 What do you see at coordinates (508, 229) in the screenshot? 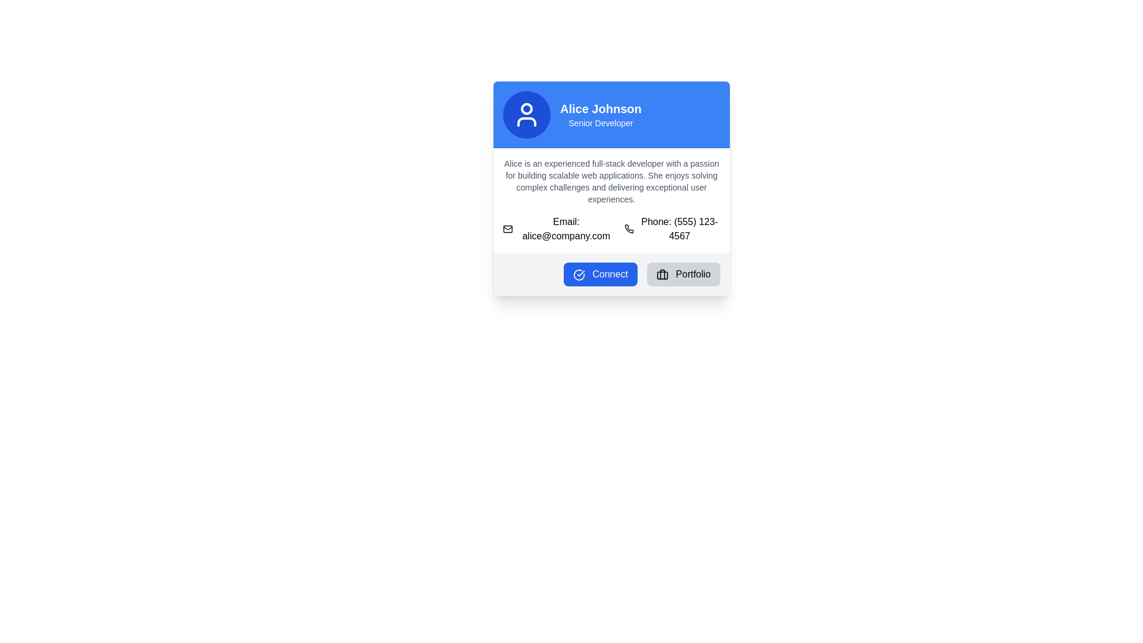
I see `the decorative element within the mail envelope icon located in the user's contact card area, near the email text and icon` at bounding box center [508, 229].